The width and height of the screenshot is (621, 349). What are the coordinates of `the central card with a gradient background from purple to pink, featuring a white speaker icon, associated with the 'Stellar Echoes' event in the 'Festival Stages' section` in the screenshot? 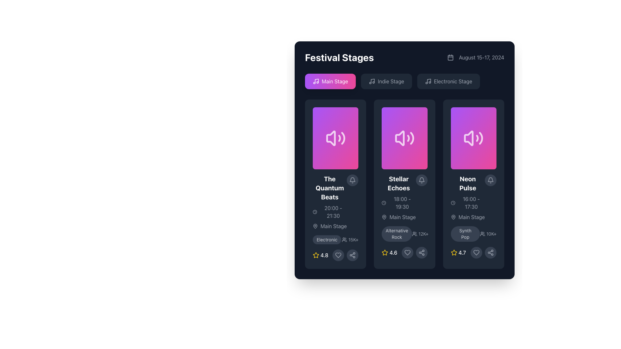 It's located at (404, 138).